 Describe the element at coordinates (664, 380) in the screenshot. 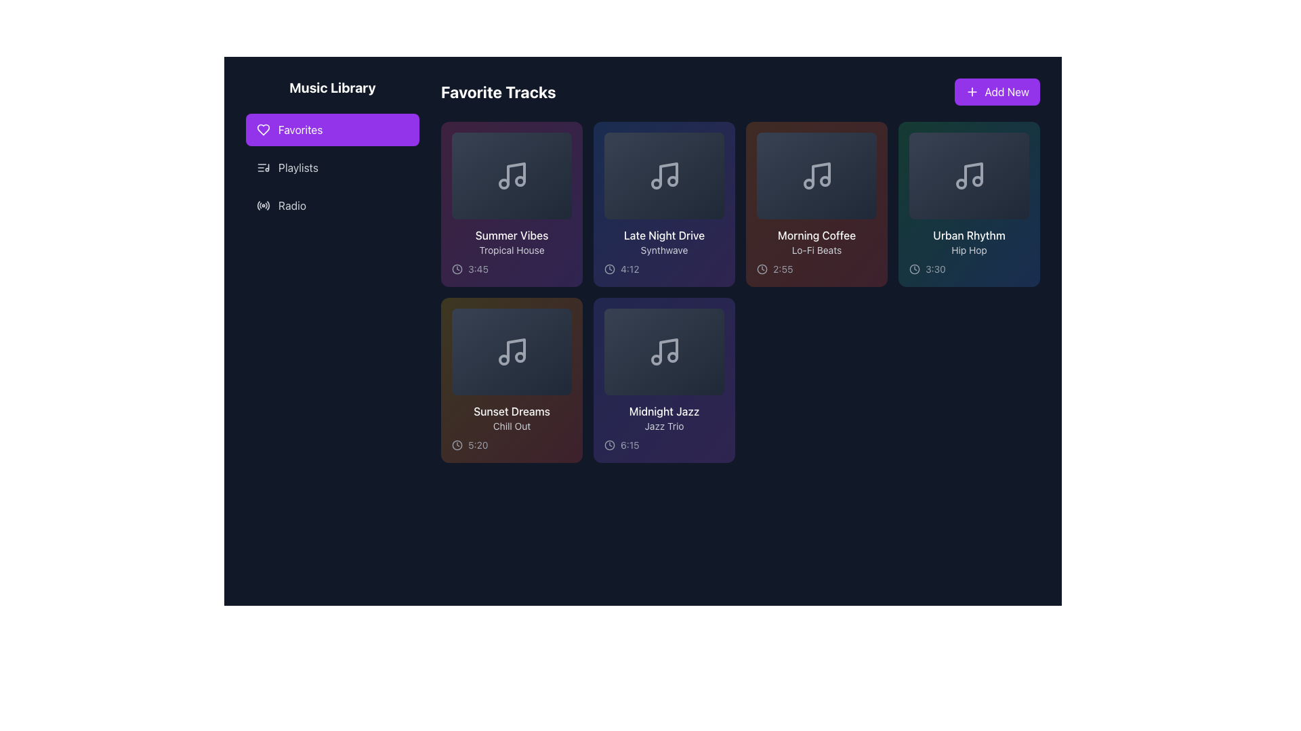

I see `the sixth Card UI component in the 'Favorite Tracks' section, which provides information about a music track` at that location.